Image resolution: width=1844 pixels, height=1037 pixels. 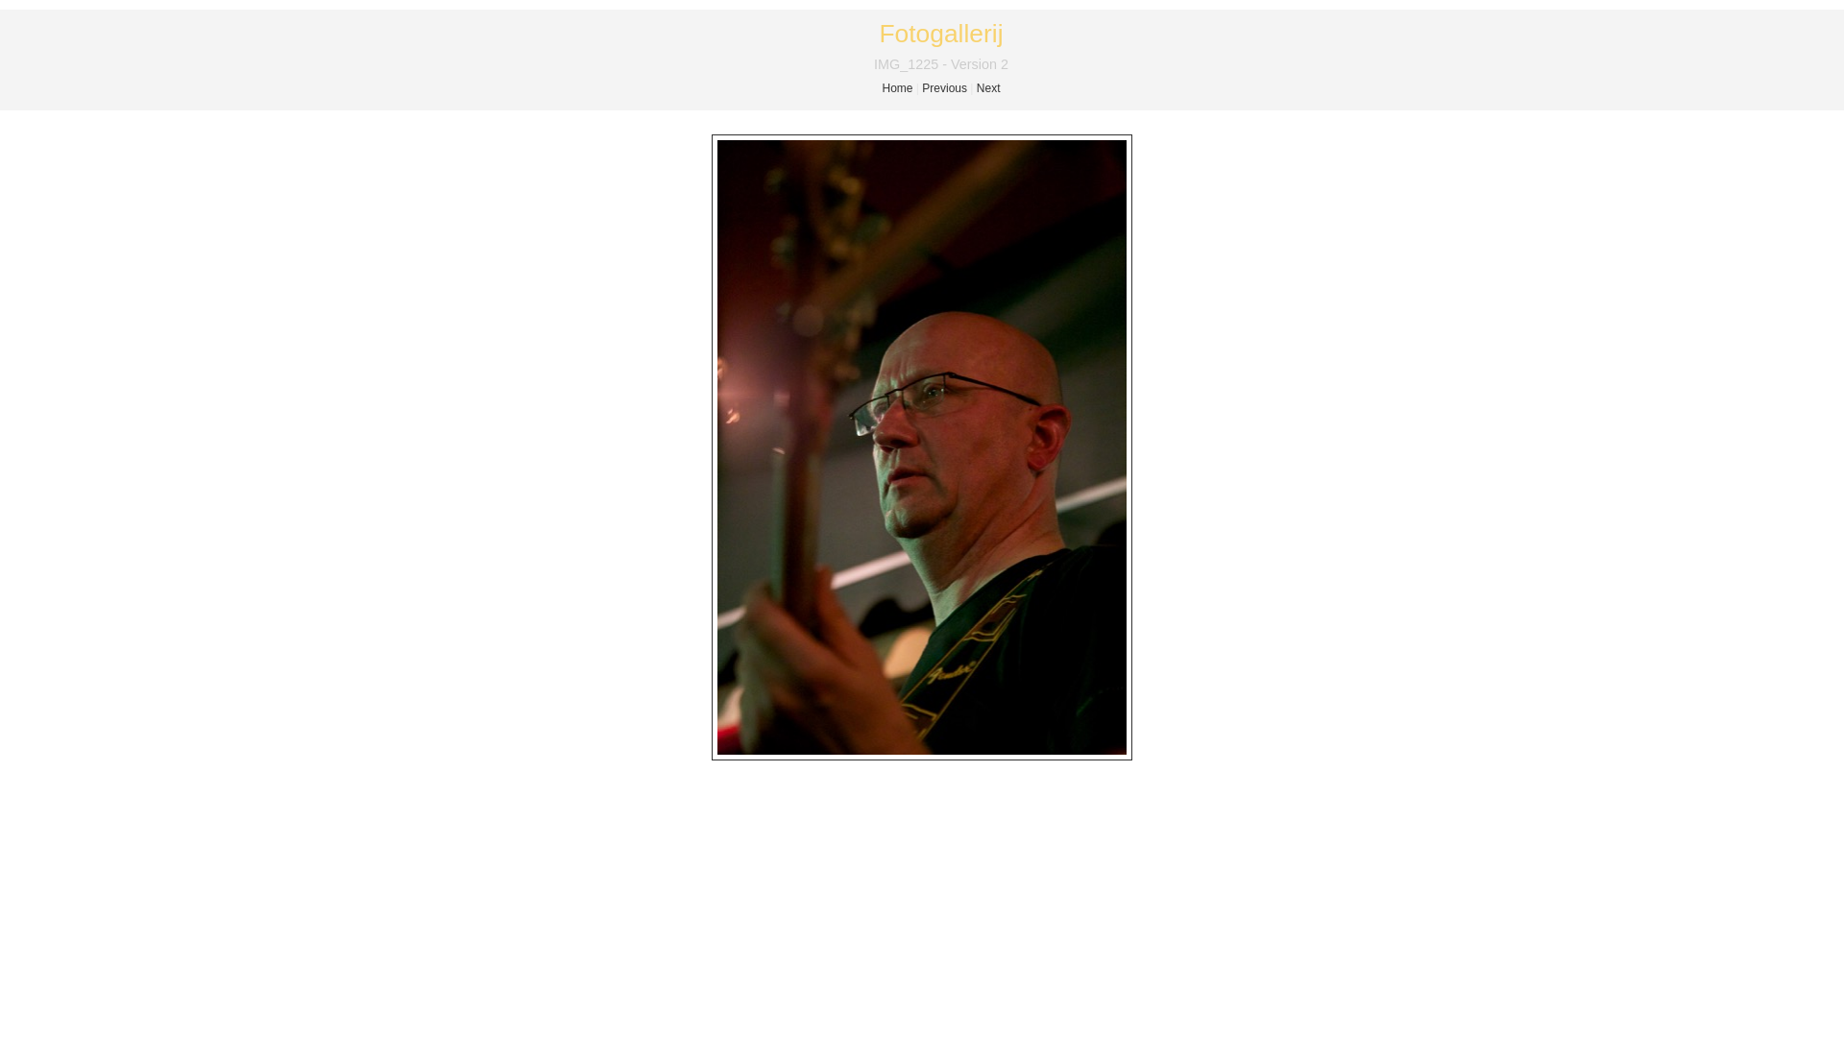 I want to click on 'Next', so click(x=988, y=88).